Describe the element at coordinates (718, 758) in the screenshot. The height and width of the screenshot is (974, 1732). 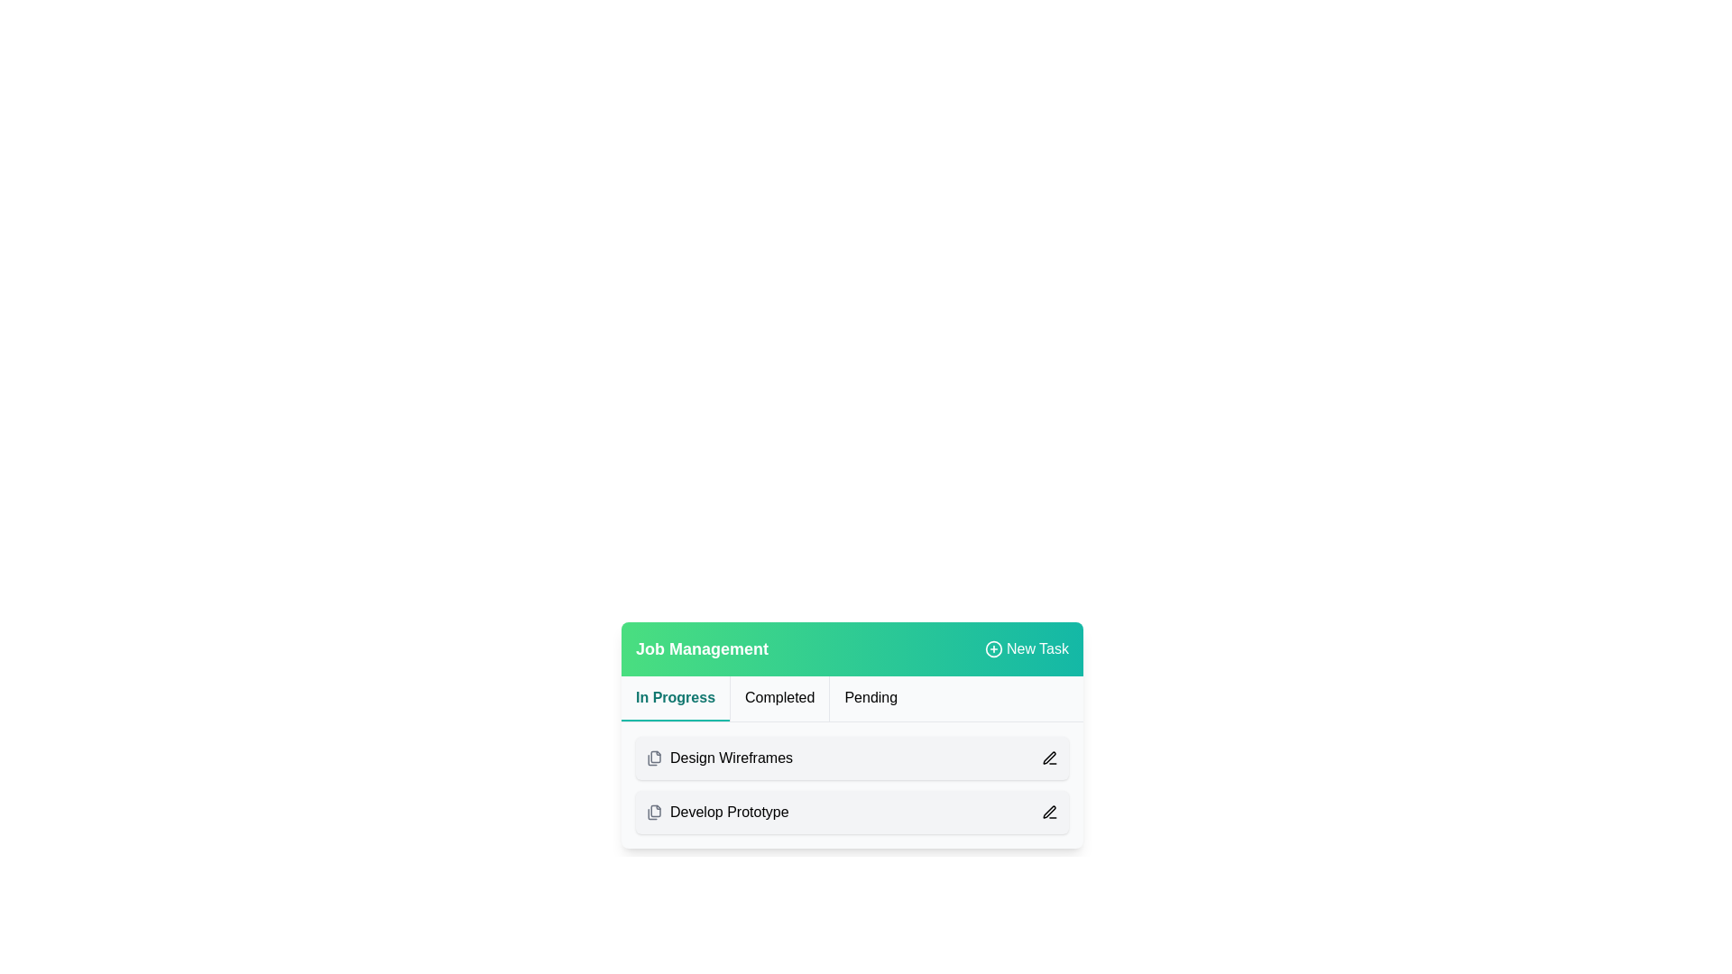
I see `the text label with an associated icon representing the first task entry under the 'In Progress' tab in the task management interface` at that location.